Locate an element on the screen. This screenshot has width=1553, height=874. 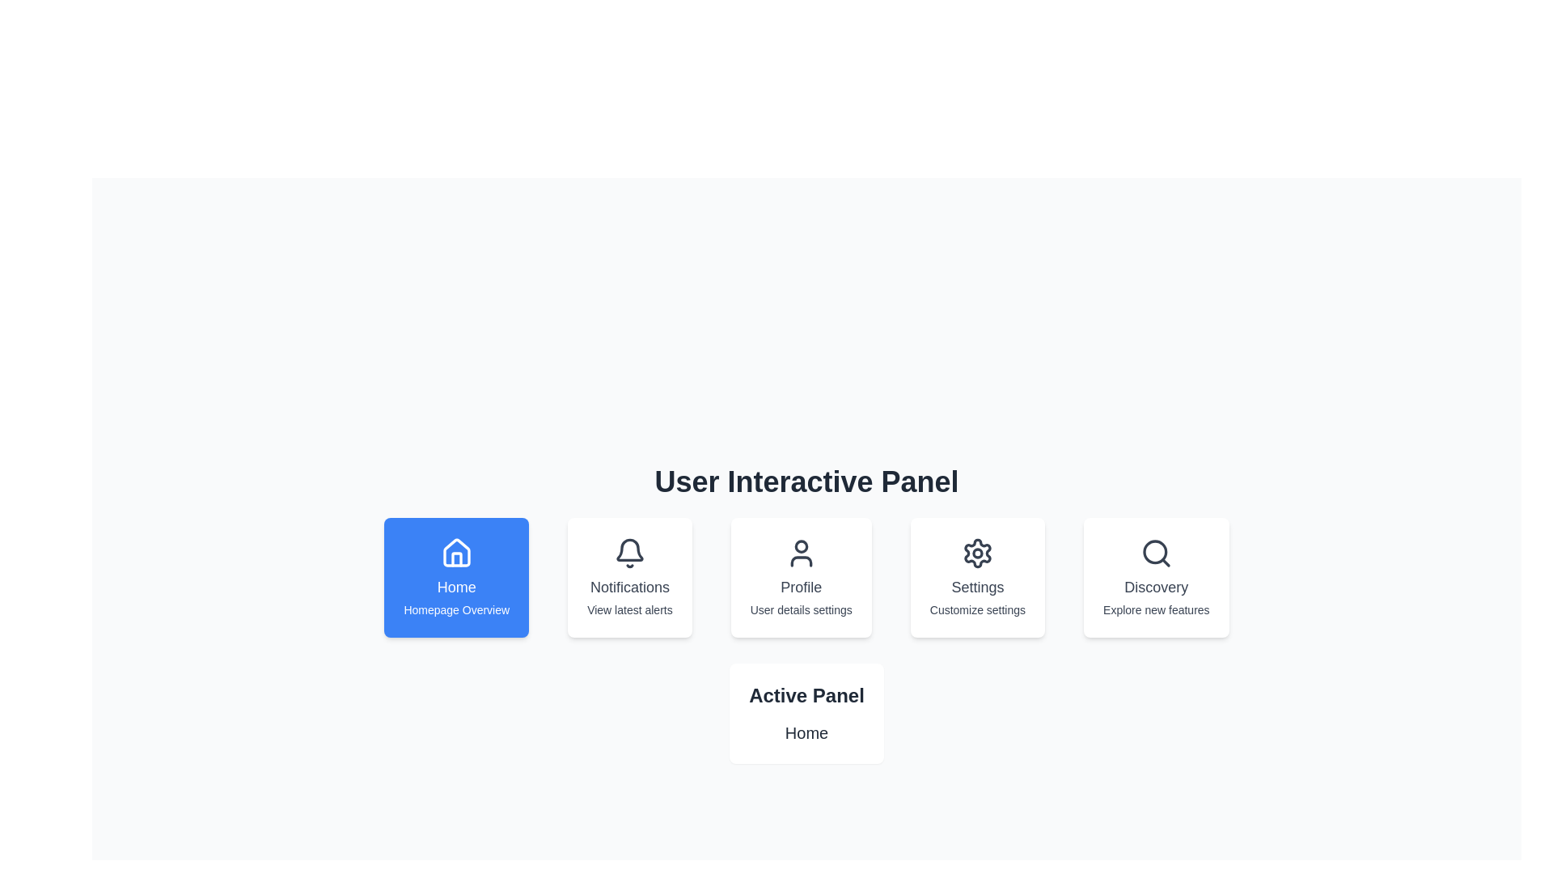
the supplementary description Text Label for the 'Home' button in the user panel, which is positioned beneath the 'Home' text label is located at coordinates (455, 609).